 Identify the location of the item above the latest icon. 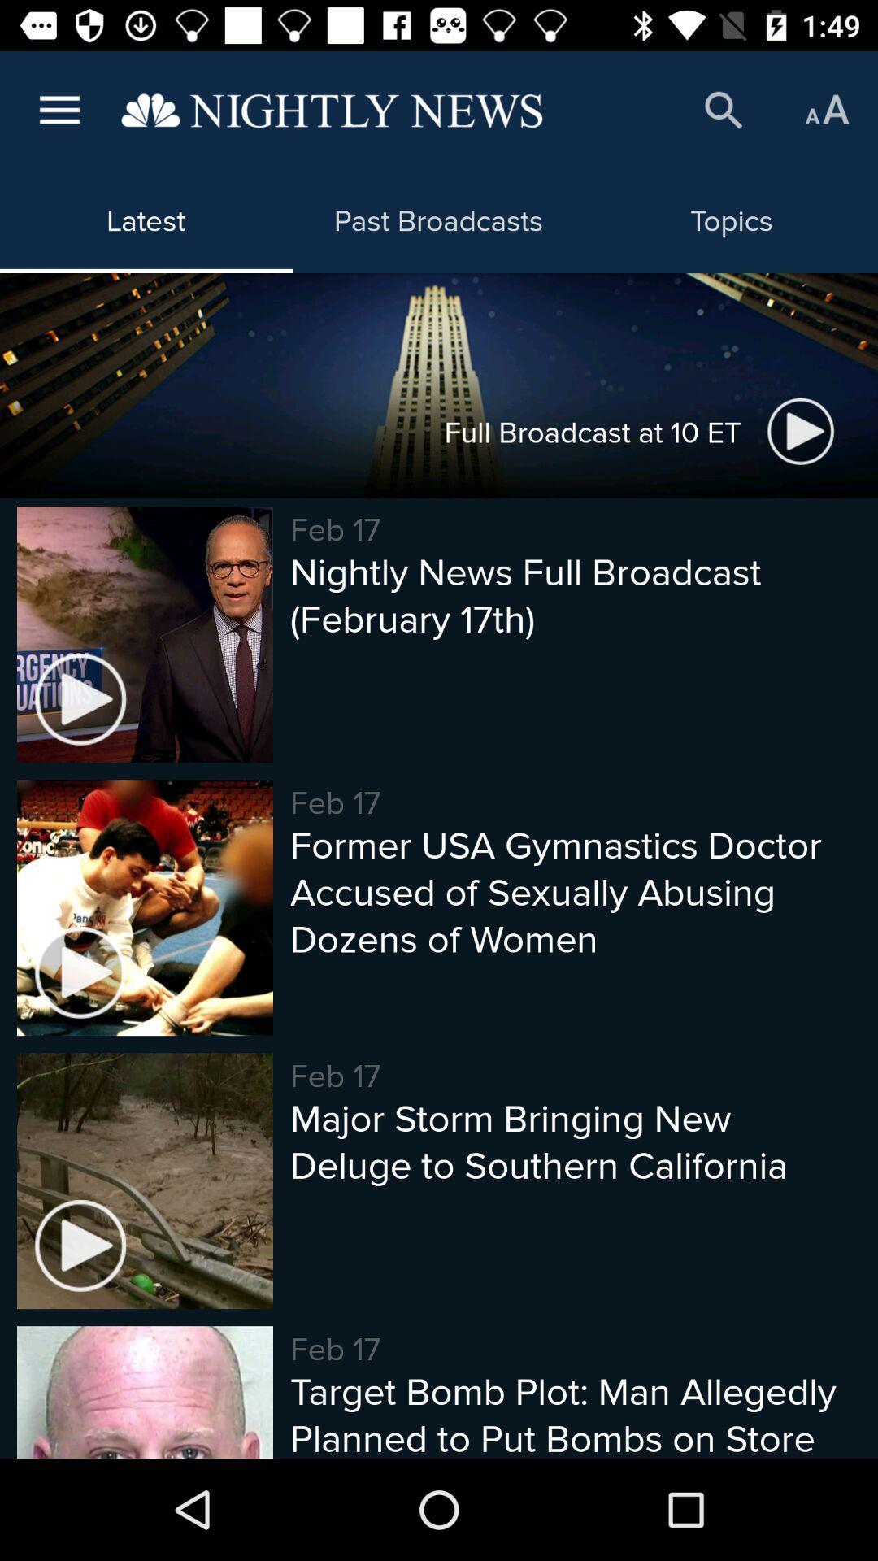
(331, 110).